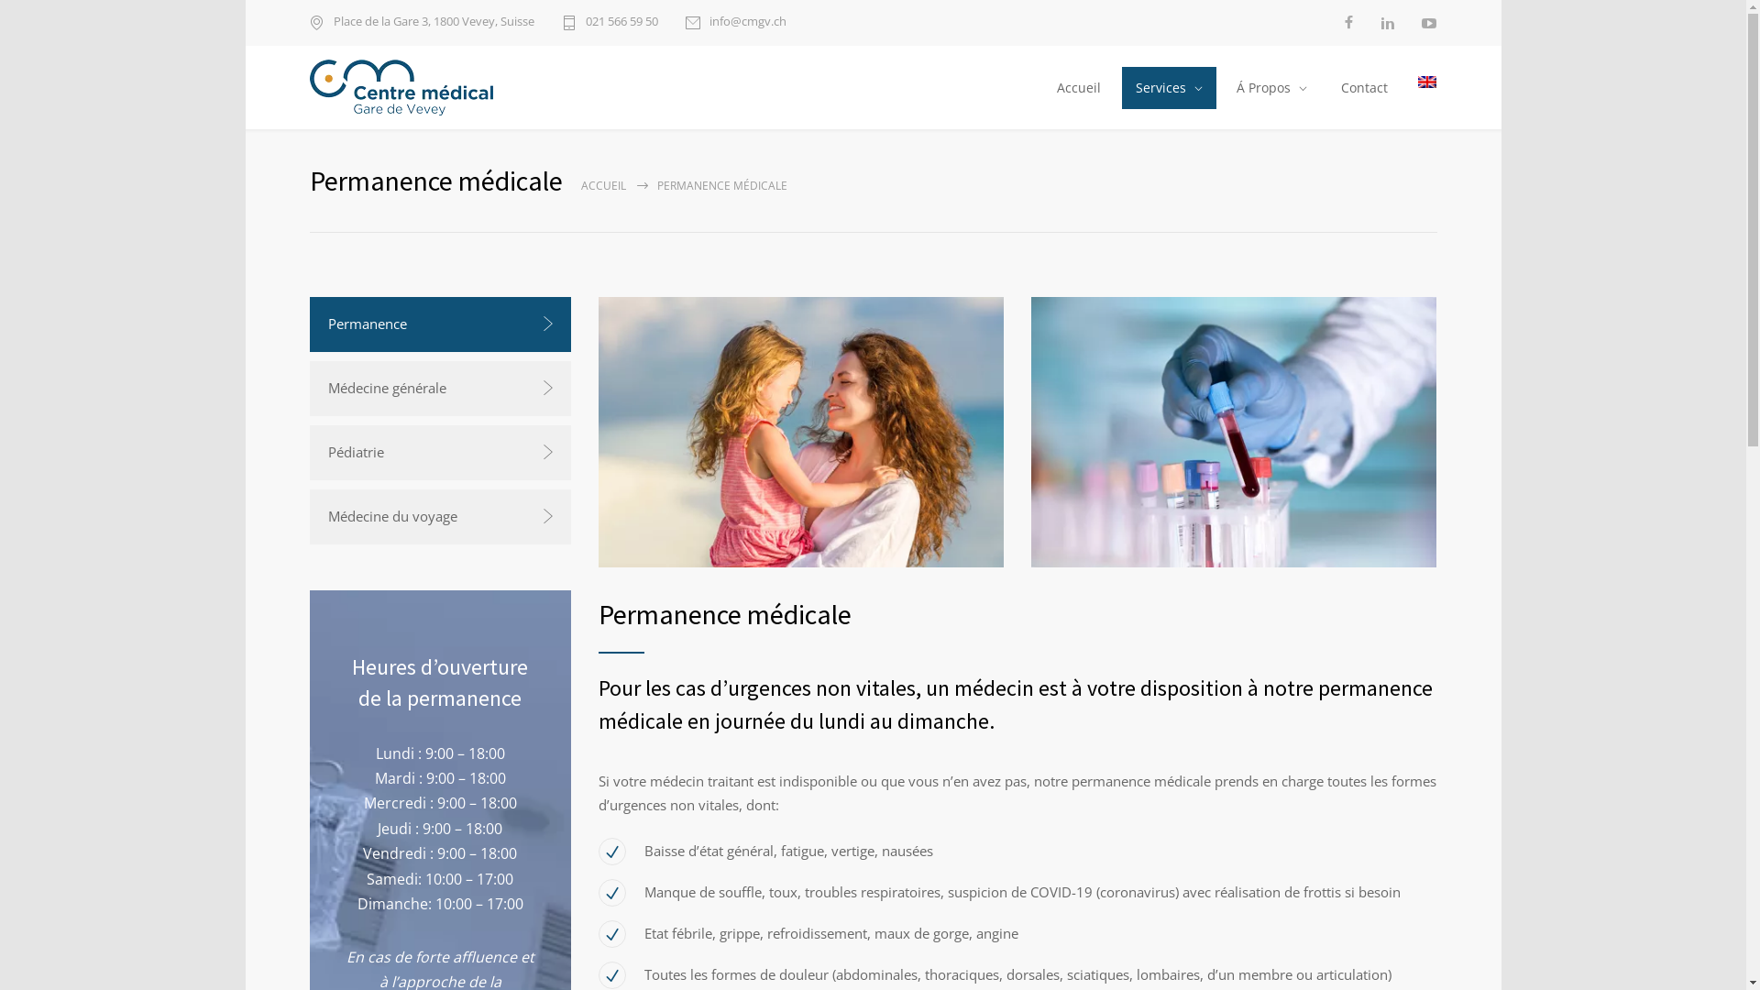  I want to click on 'info@cmgv.ch', so click(735, 22).